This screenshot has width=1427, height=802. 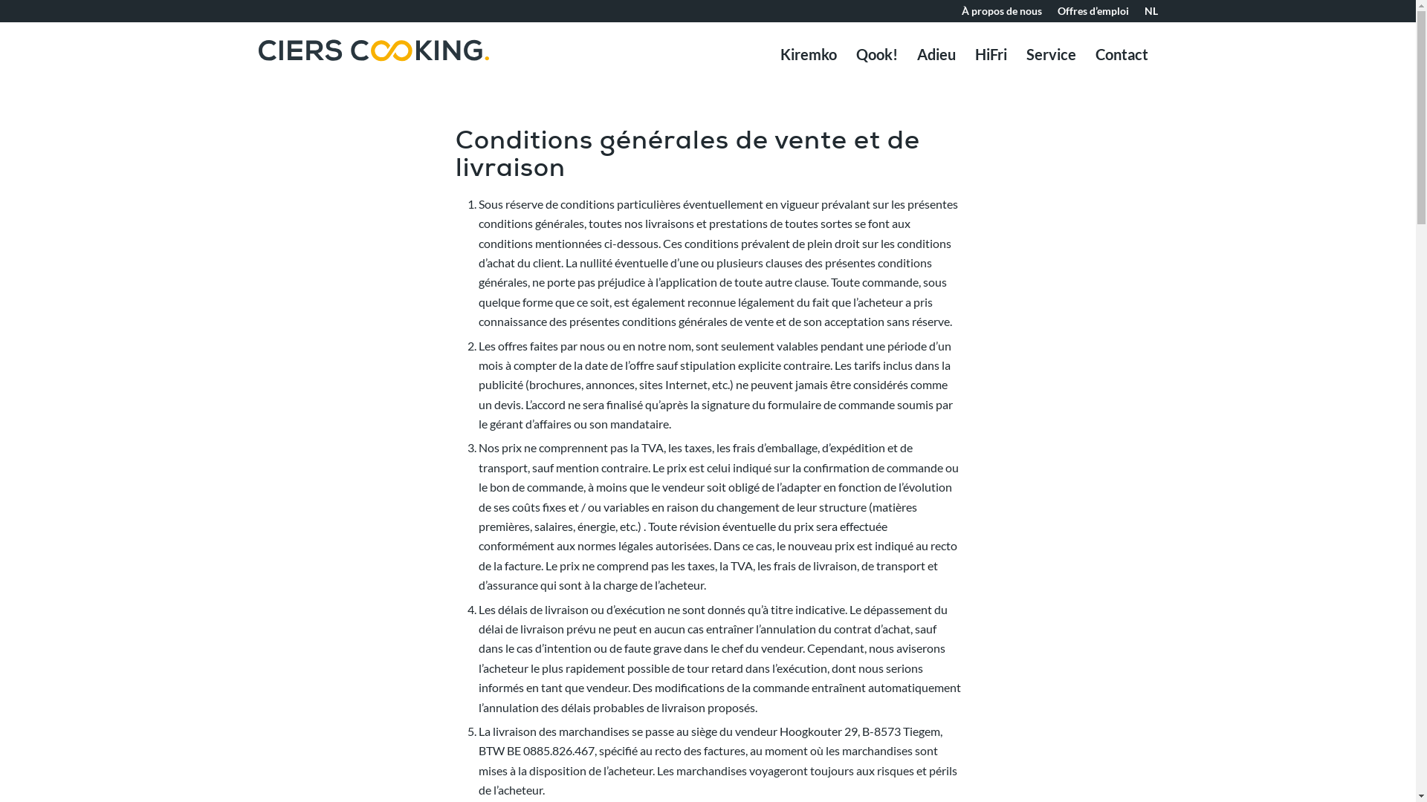 What do you see at coordinates (876, 53) in the screenshot?
I see `'Qook!'` at bounding box center [876, 53].